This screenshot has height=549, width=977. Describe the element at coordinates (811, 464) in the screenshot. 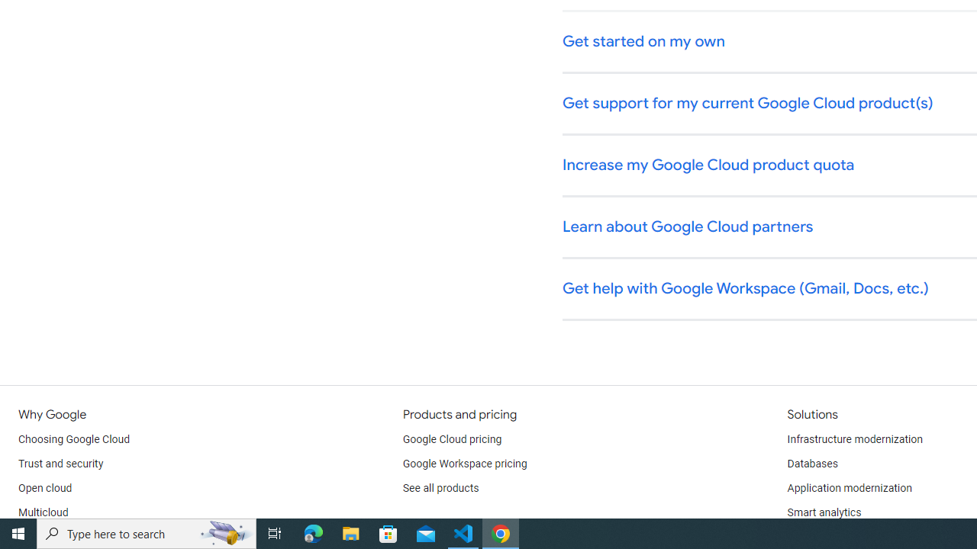

I see `'Databases'` at that location.